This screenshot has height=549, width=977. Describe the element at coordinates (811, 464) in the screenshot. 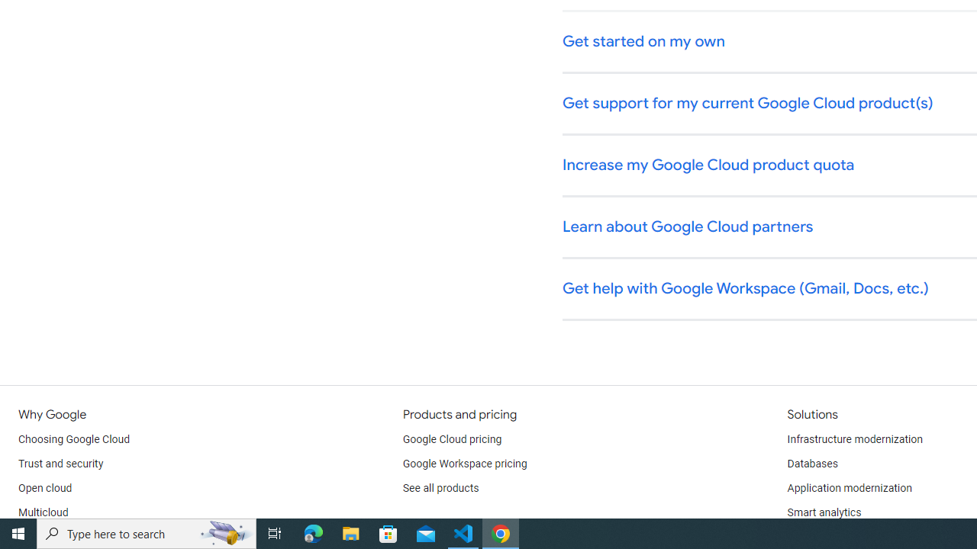

I see `'Databases'` at that location.